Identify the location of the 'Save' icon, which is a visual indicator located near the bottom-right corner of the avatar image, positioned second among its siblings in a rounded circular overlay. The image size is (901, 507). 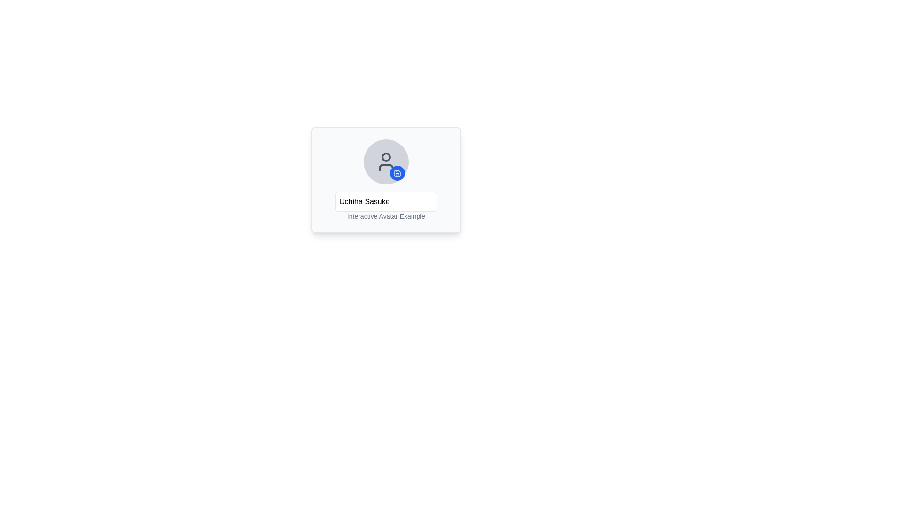
(397, 173).